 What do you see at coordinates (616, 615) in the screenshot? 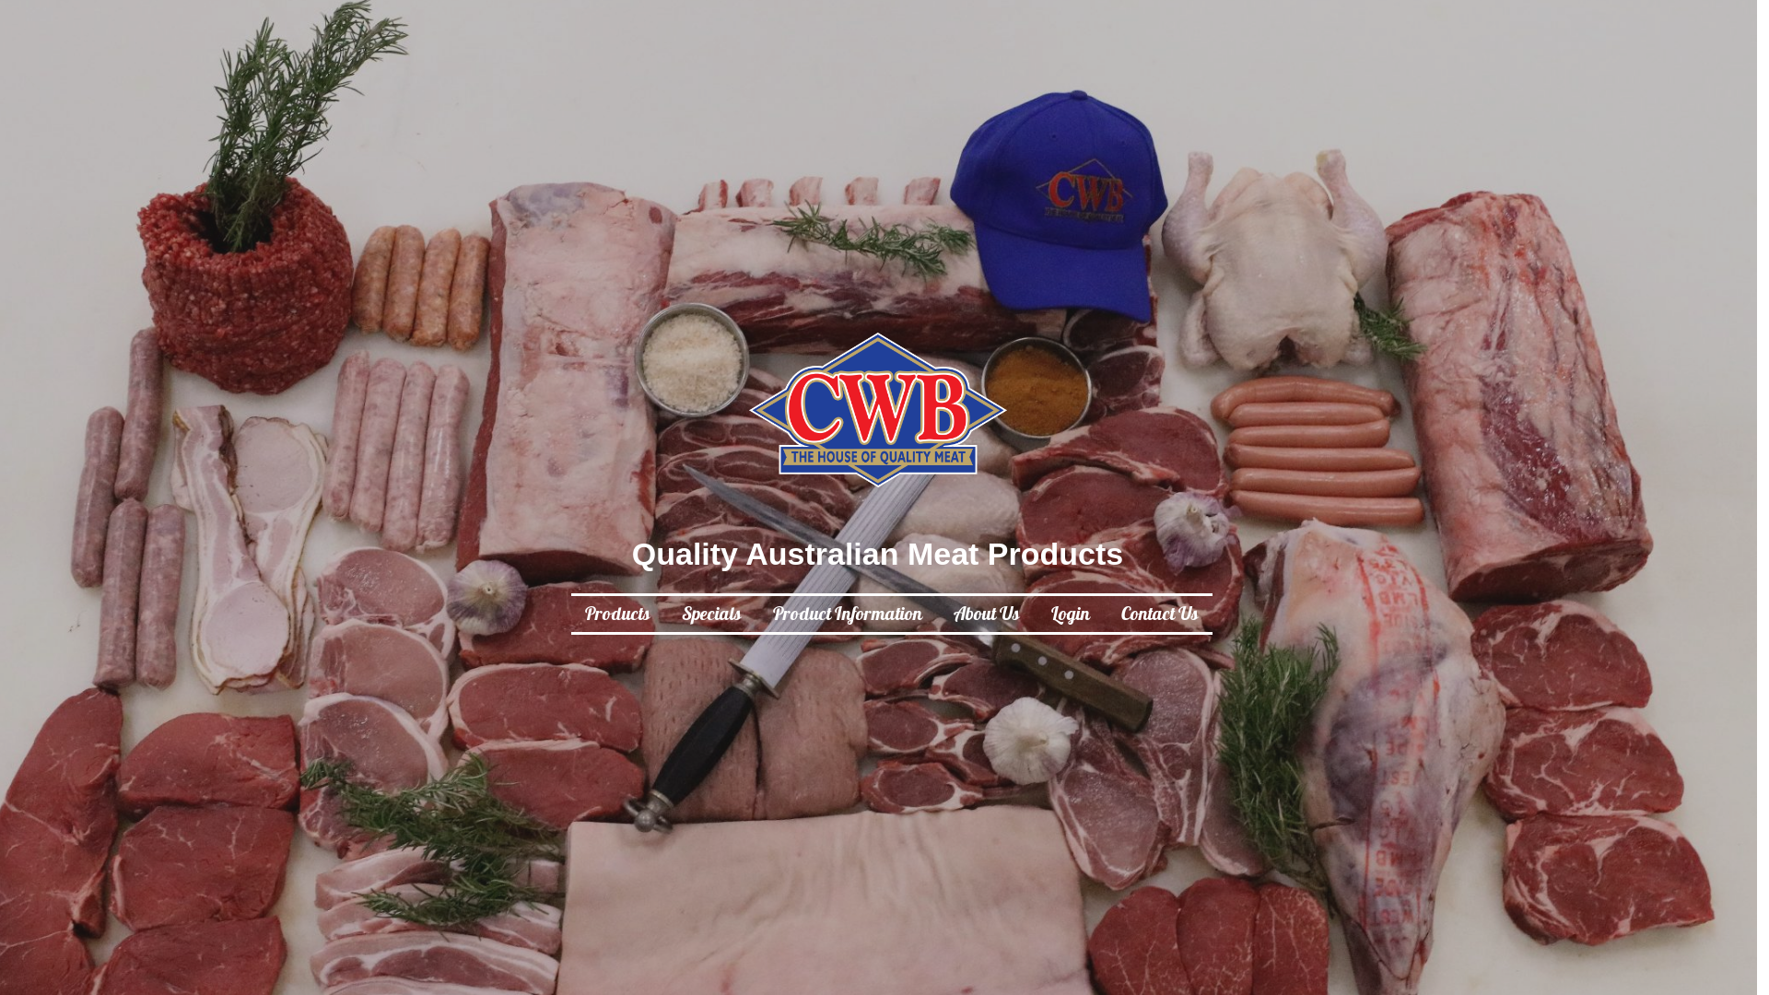
I see `'Products'` at bounding box center [616, 615].